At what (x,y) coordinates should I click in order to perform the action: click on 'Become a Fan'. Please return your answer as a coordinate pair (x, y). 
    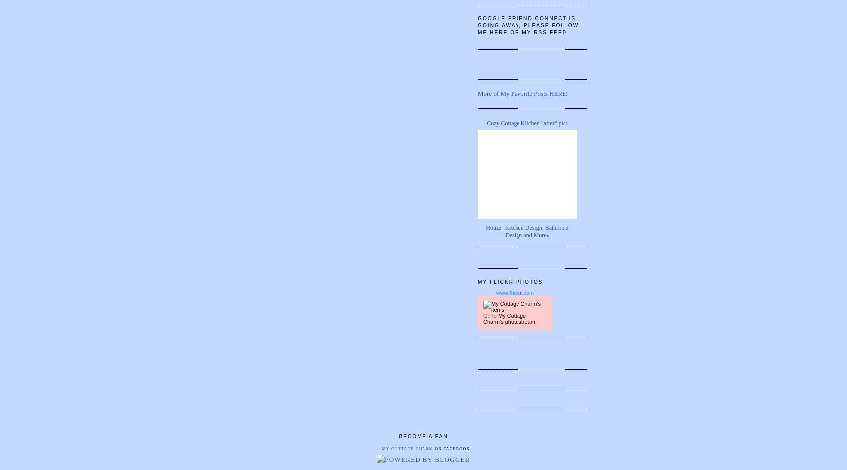
    Looking at the image, I should click on (423, 436).